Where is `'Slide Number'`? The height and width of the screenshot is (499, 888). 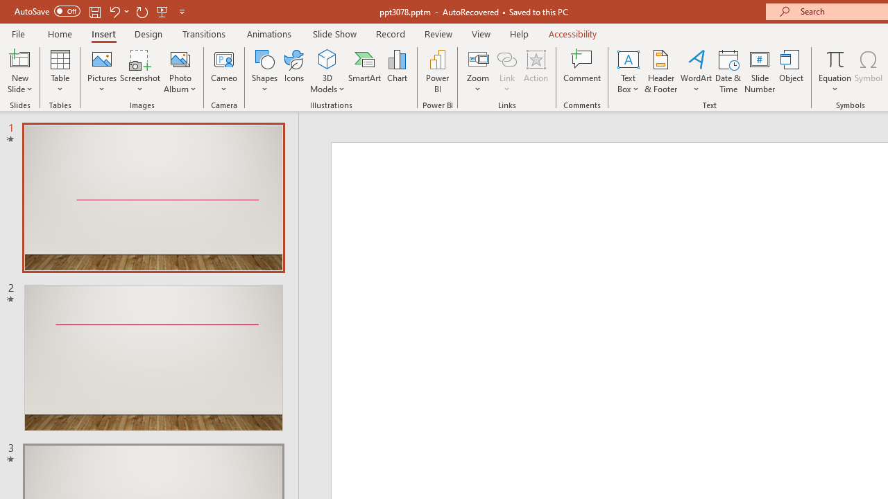 'Slide Number' is located at coordinates (759, 71).